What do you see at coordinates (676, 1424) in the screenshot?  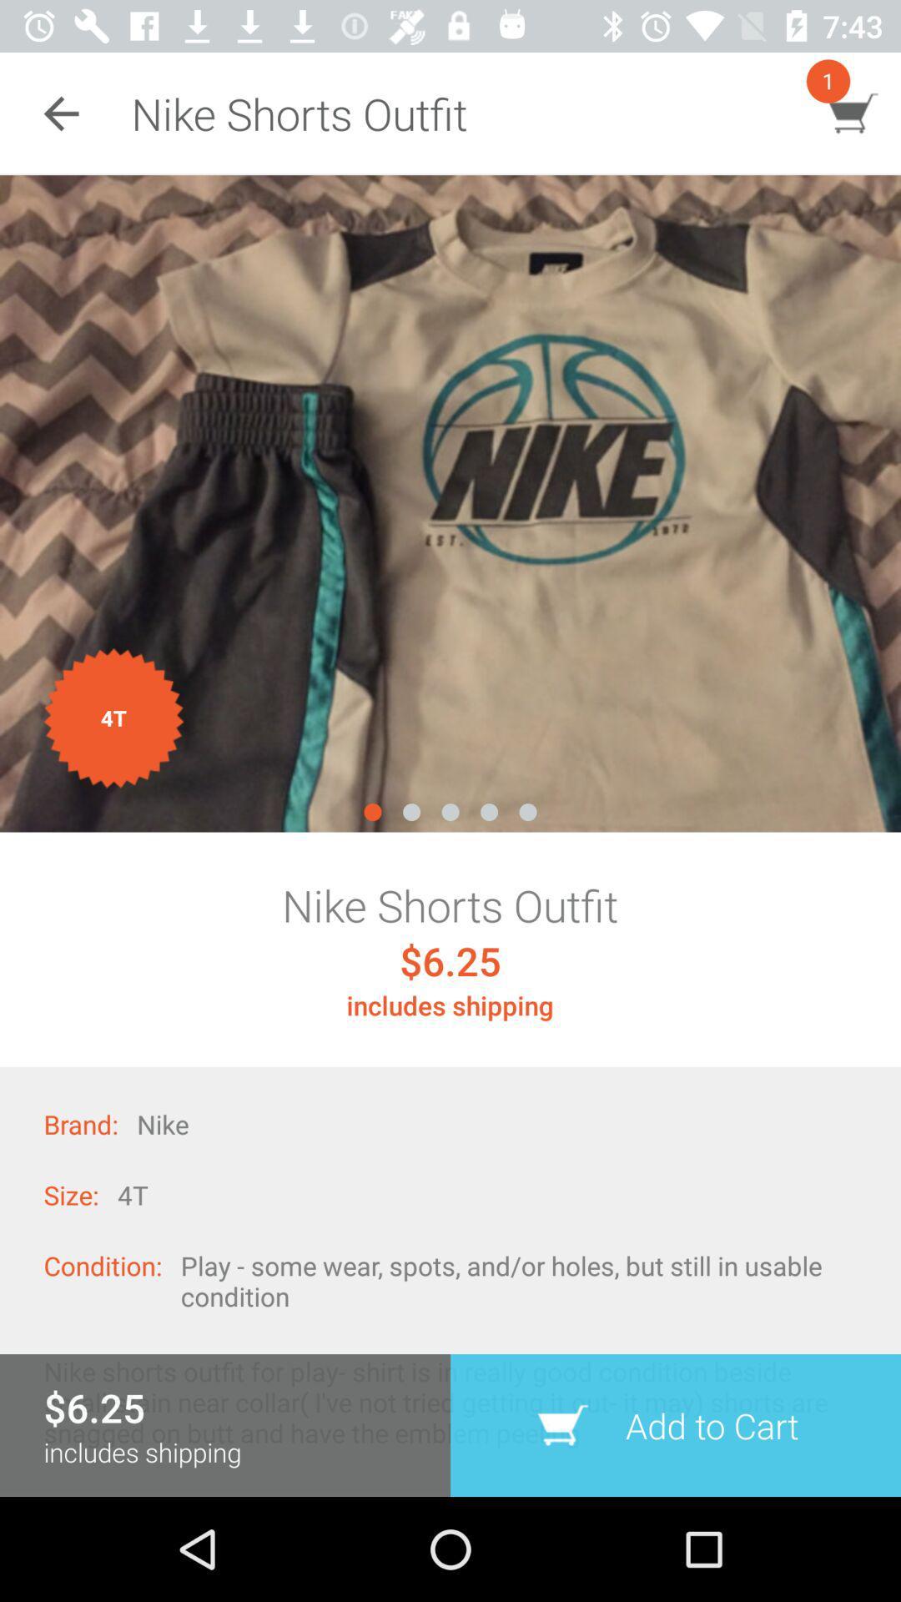 I see `the icon to the right of the includes shipping` at bounding box center [676, 1424].